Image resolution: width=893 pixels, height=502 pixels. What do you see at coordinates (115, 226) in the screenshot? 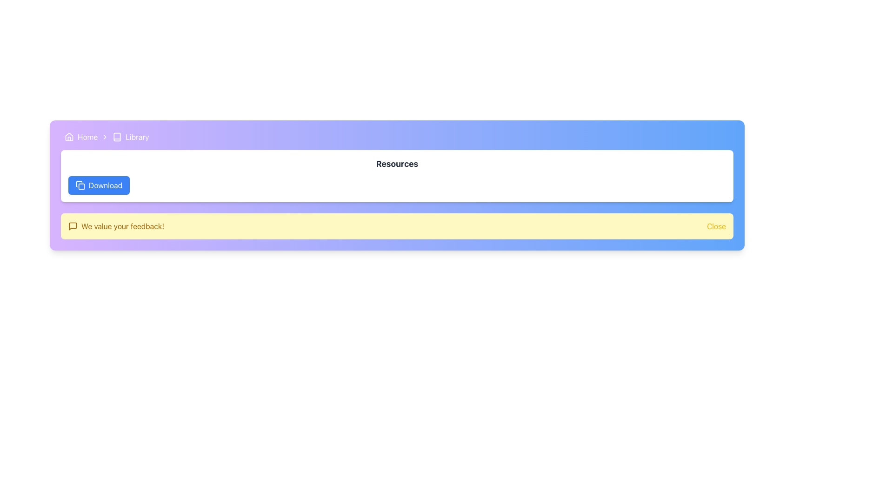
I see `the informative label that displays the text 'We value your feedback!' with a speech bubble icon, styled in gold on a pale yellow background` at bounding box center [115, 226].